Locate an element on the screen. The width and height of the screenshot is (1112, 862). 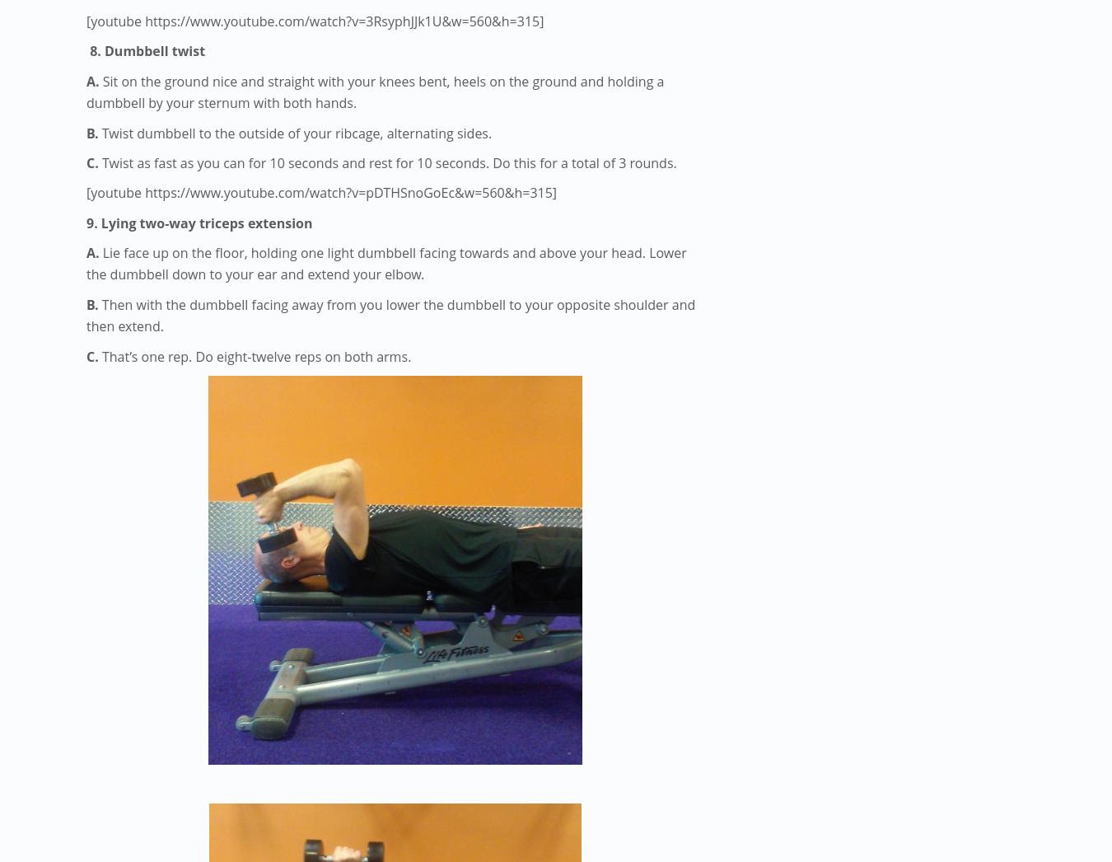
'That’s one rep. Do eight-twelve reps on both arms.' is located at coordinates (255, 354).